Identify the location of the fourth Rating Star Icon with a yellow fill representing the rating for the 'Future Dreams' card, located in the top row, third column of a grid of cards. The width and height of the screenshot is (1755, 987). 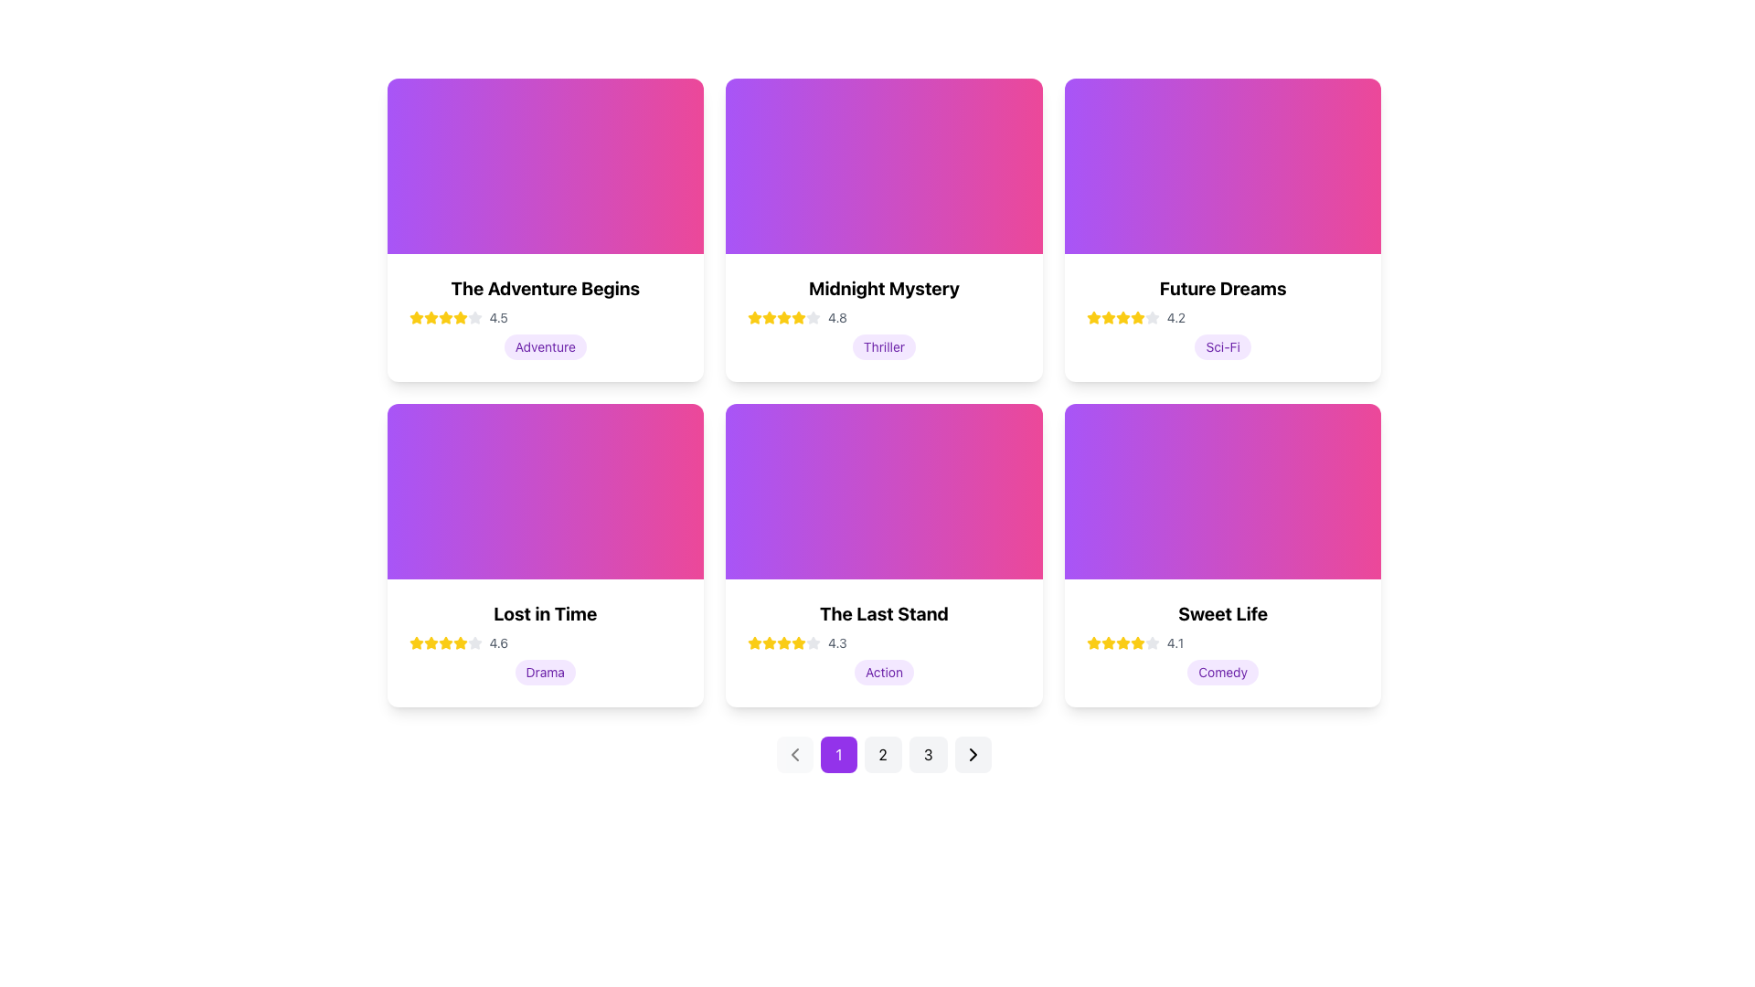
(1122, 316).